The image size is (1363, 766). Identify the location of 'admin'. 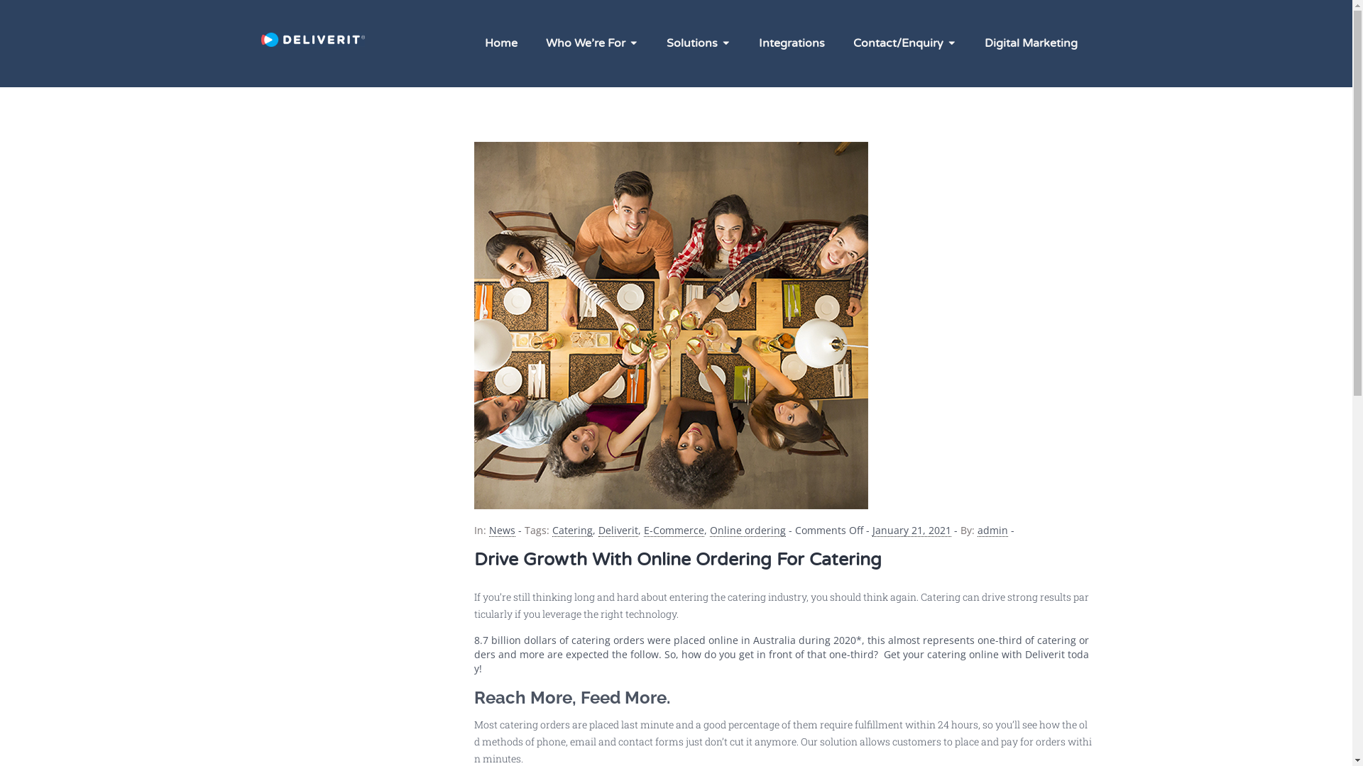
(991, 531).